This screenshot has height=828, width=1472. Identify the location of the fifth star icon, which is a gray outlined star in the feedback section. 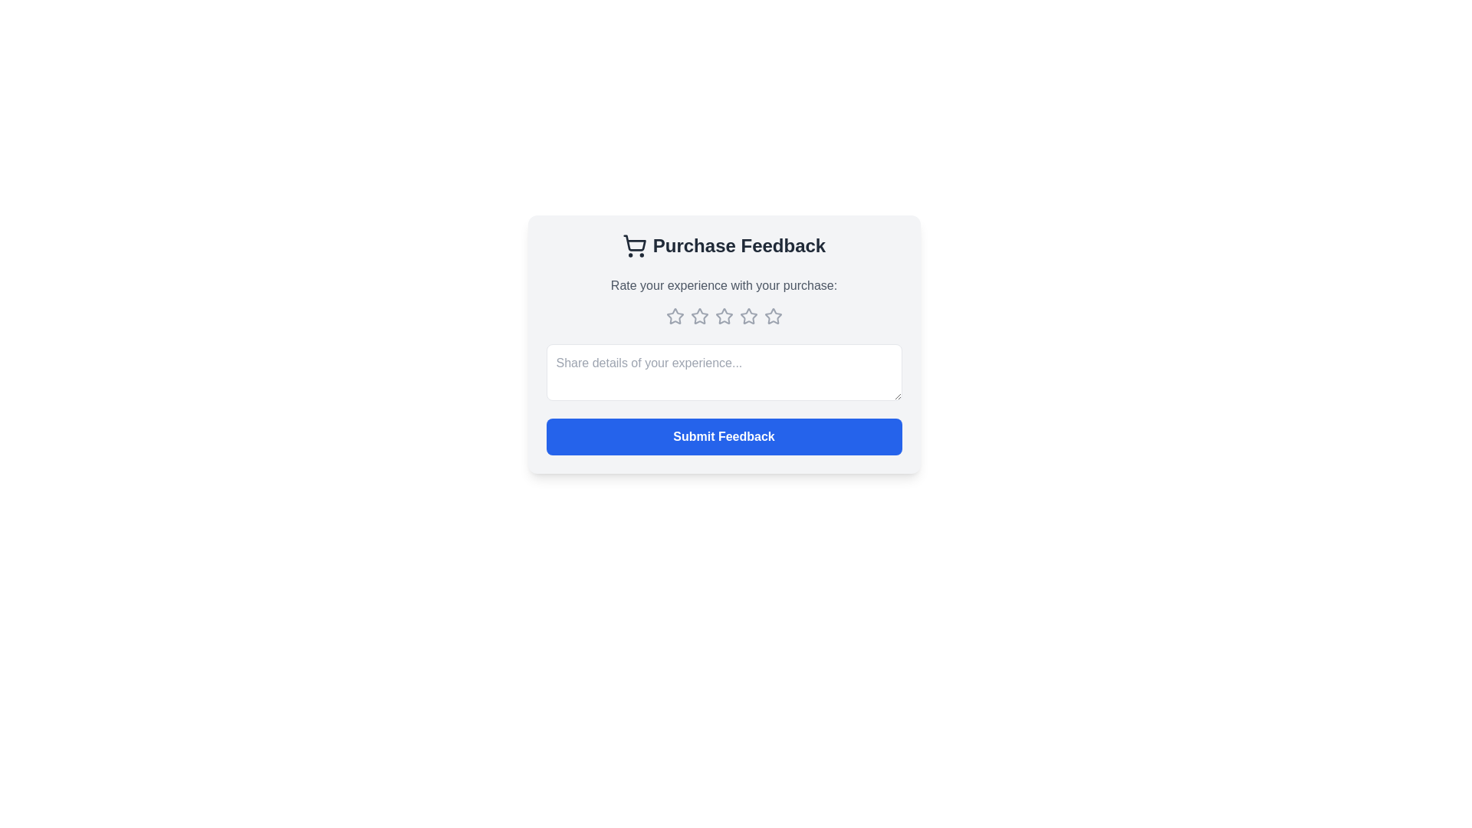
(773, 315).